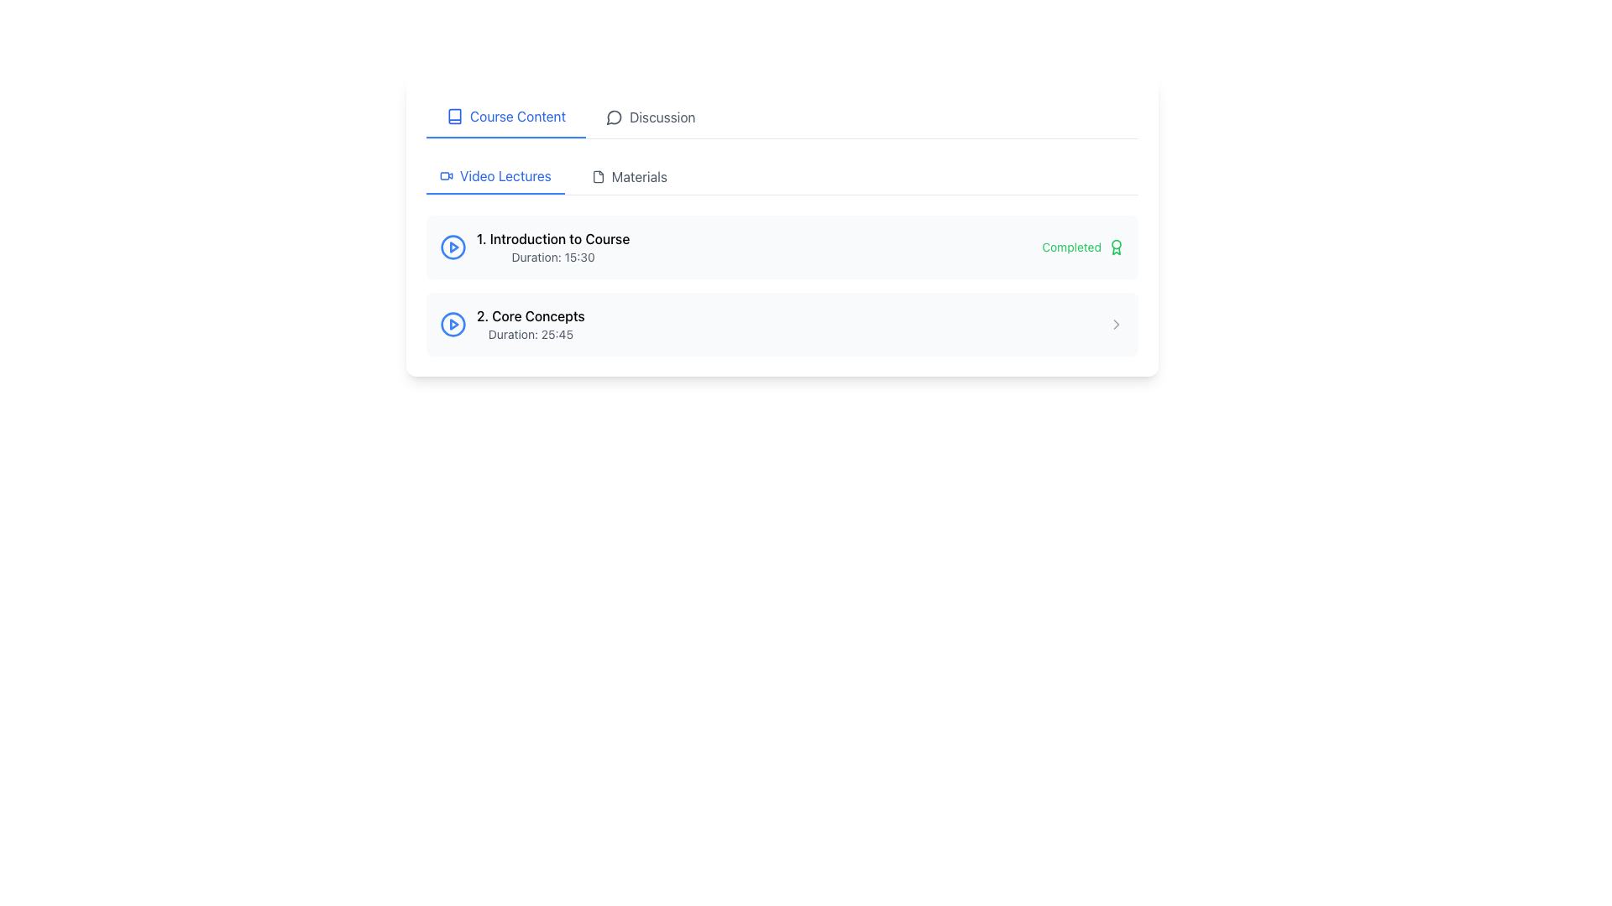 Image resolution: width=1612 pixels, height=906 pixels. I want to click on the icon located at the right end of the 'Core Concepts' entry in the video lectures list to receive contextual information or highlight it visually, so click(1116, 324).